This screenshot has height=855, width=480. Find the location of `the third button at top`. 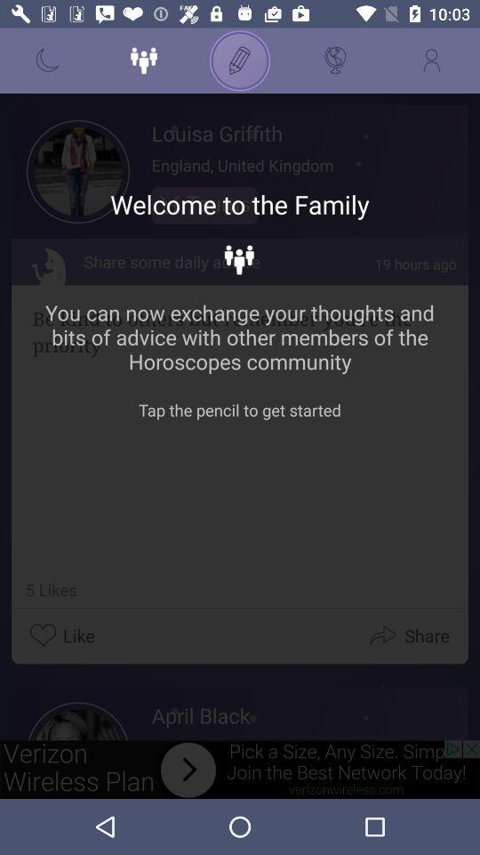

the third button at top is located at coordinates (240, 61).